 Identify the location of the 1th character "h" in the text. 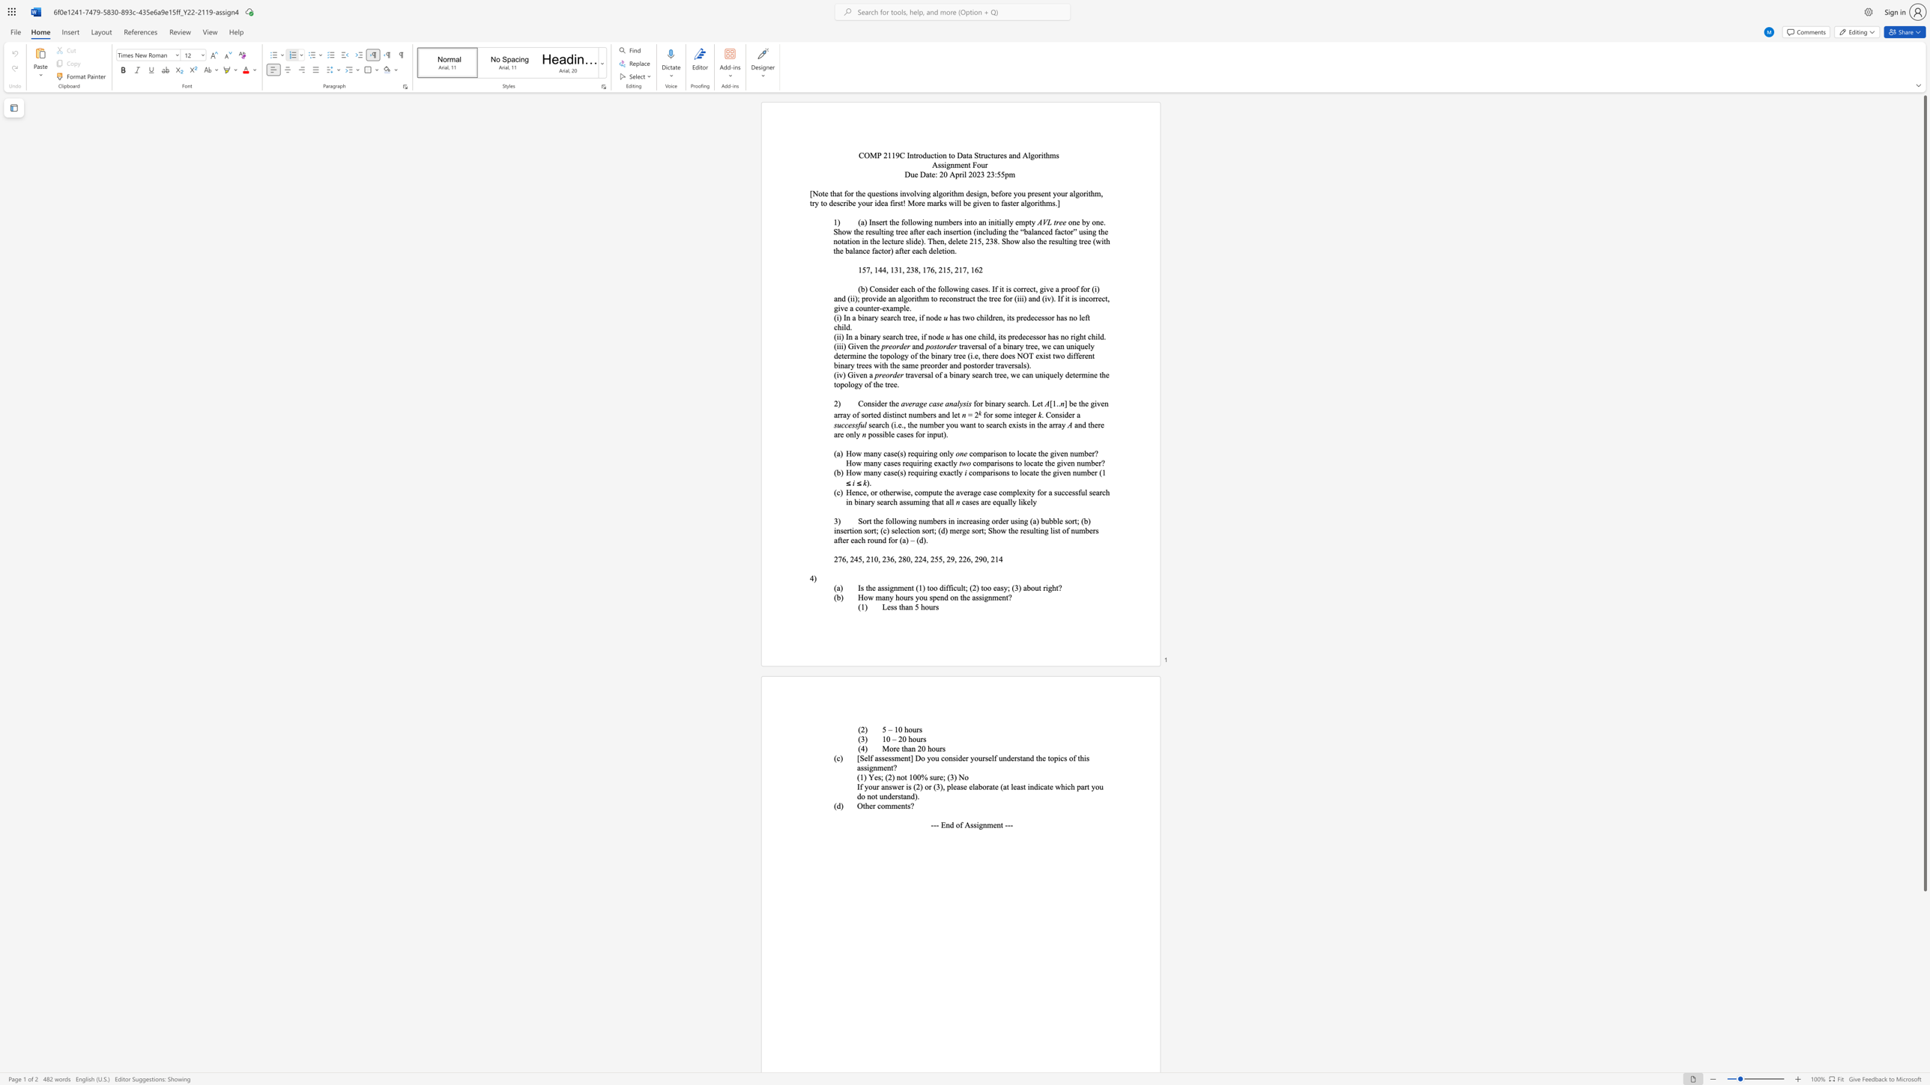
(910, 738).